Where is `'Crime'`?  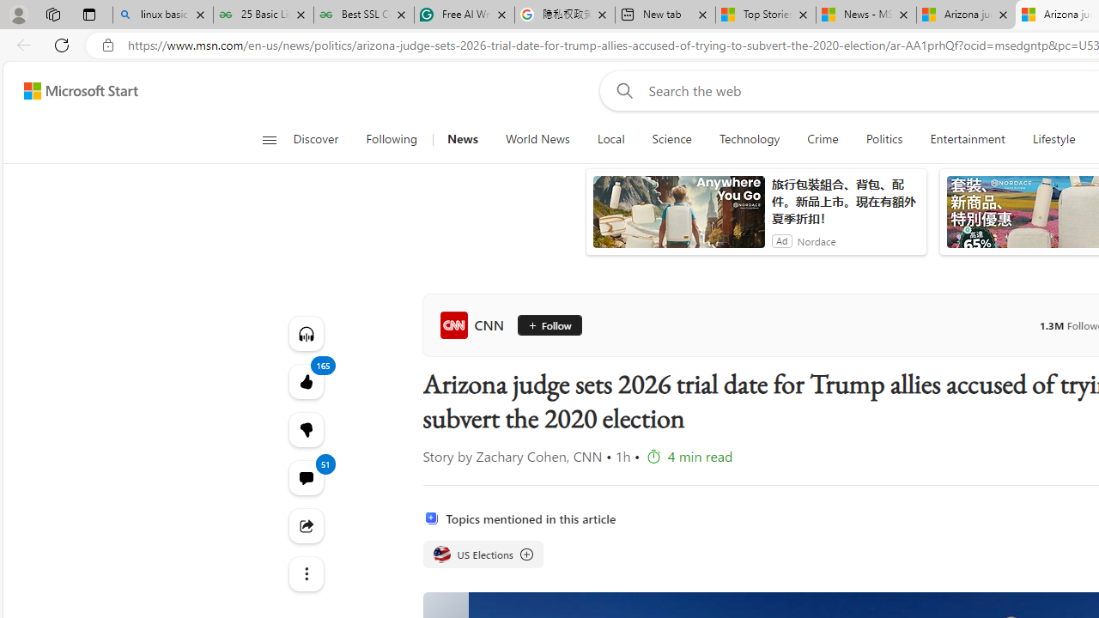
'Crime' is located at coordinates (822, 139).